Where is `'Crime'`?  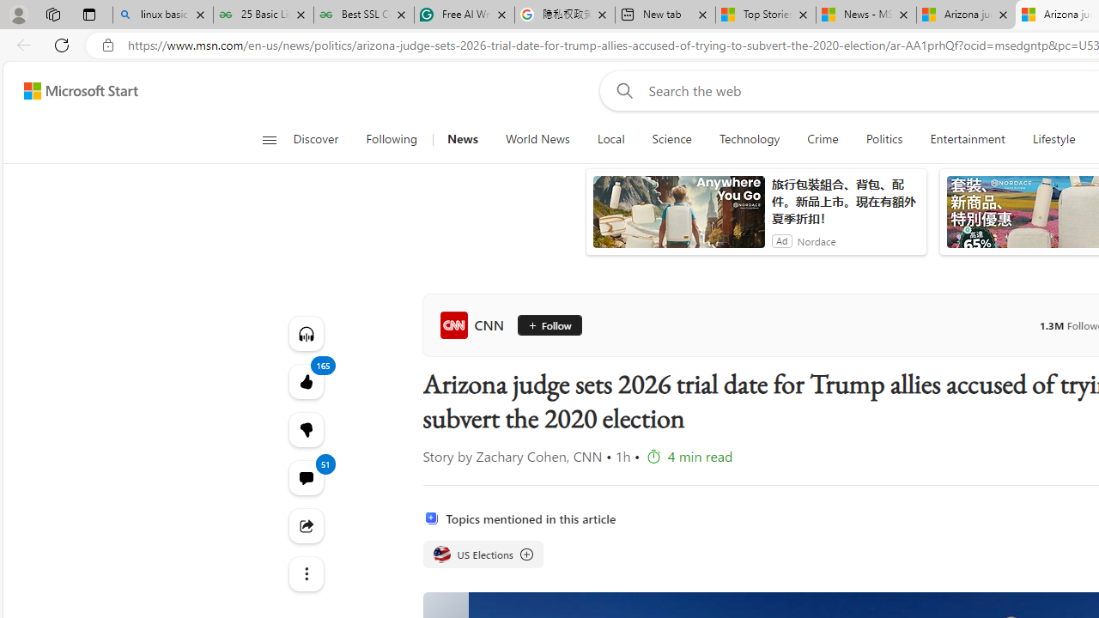
'Crime' is located at coordinates (822, 139).